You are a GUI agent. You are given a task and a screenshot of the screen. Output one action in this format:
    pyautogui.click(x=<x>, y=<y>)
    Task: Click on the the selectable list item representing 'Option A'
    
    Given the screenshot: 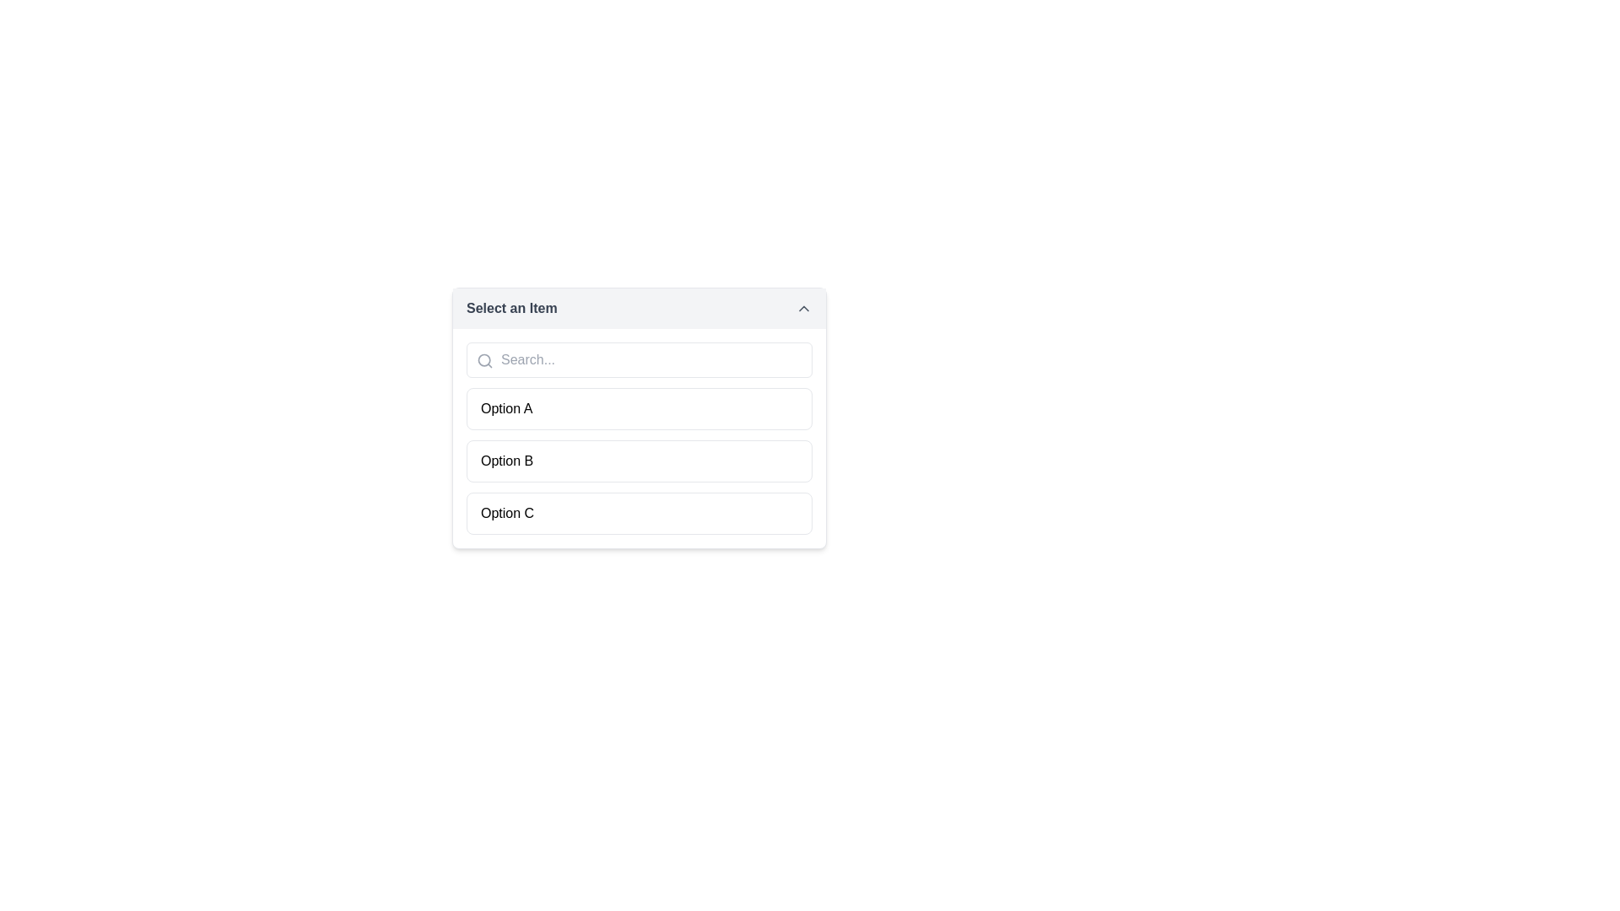 What is the action you would take?
    pyautogui.click(x=639, y=409)
    